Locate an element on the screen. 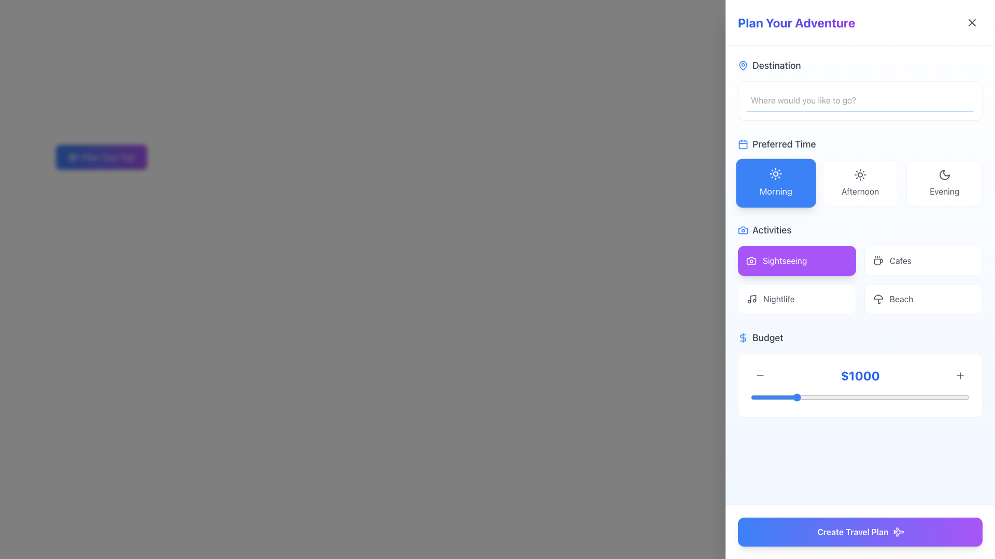 This screenshot has height=559, width=995. the small gray SVG icon resembling a cross in the top-right corner of the interface is located at coordinates (972, 22).